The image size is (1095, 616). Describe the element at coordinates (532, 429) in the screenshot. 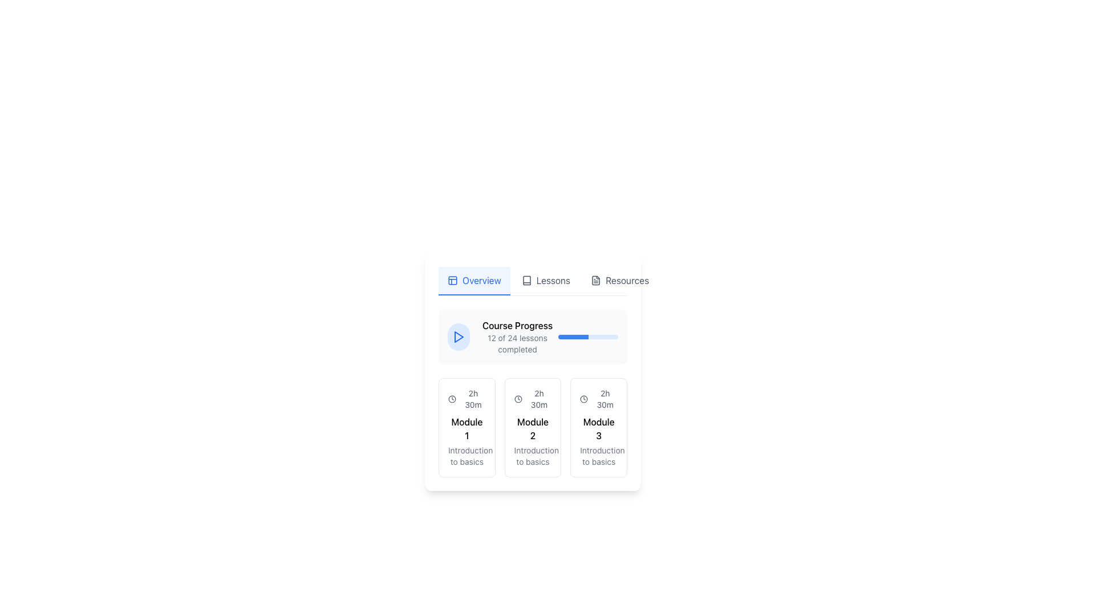

I see `the text label that serves as a title or heading for the module` at that location.